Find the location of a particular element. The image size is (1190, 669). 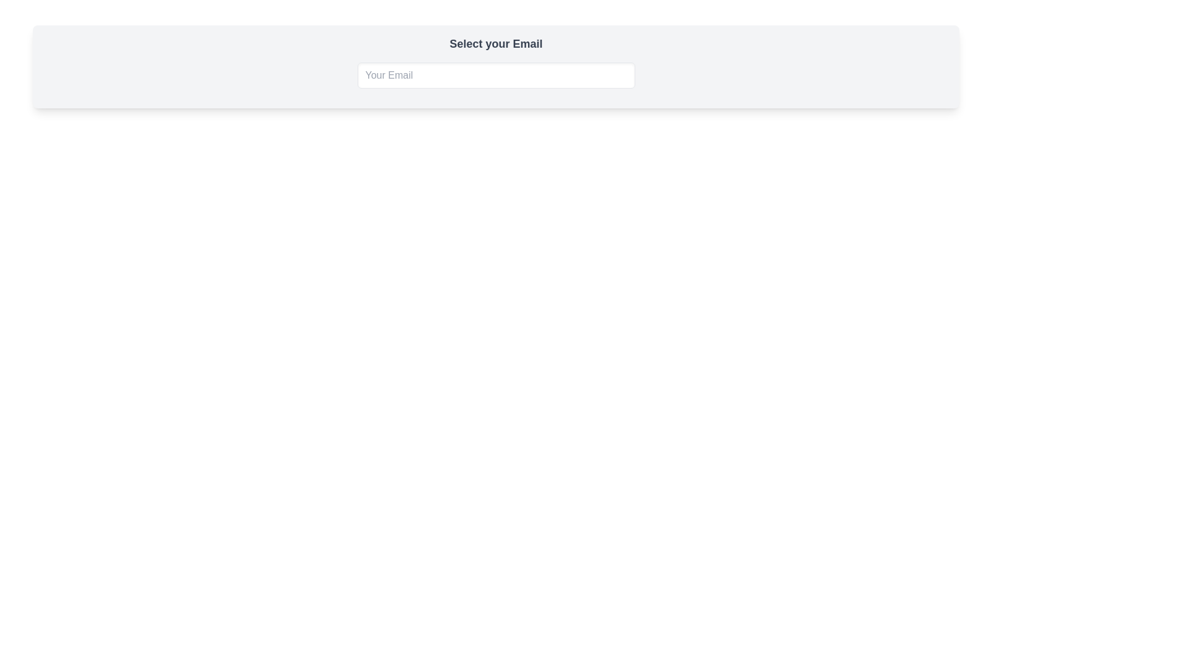

the title label that guides the user to input their email, located at the top of the card with a light-gray background is located at coordinates (496, 43).